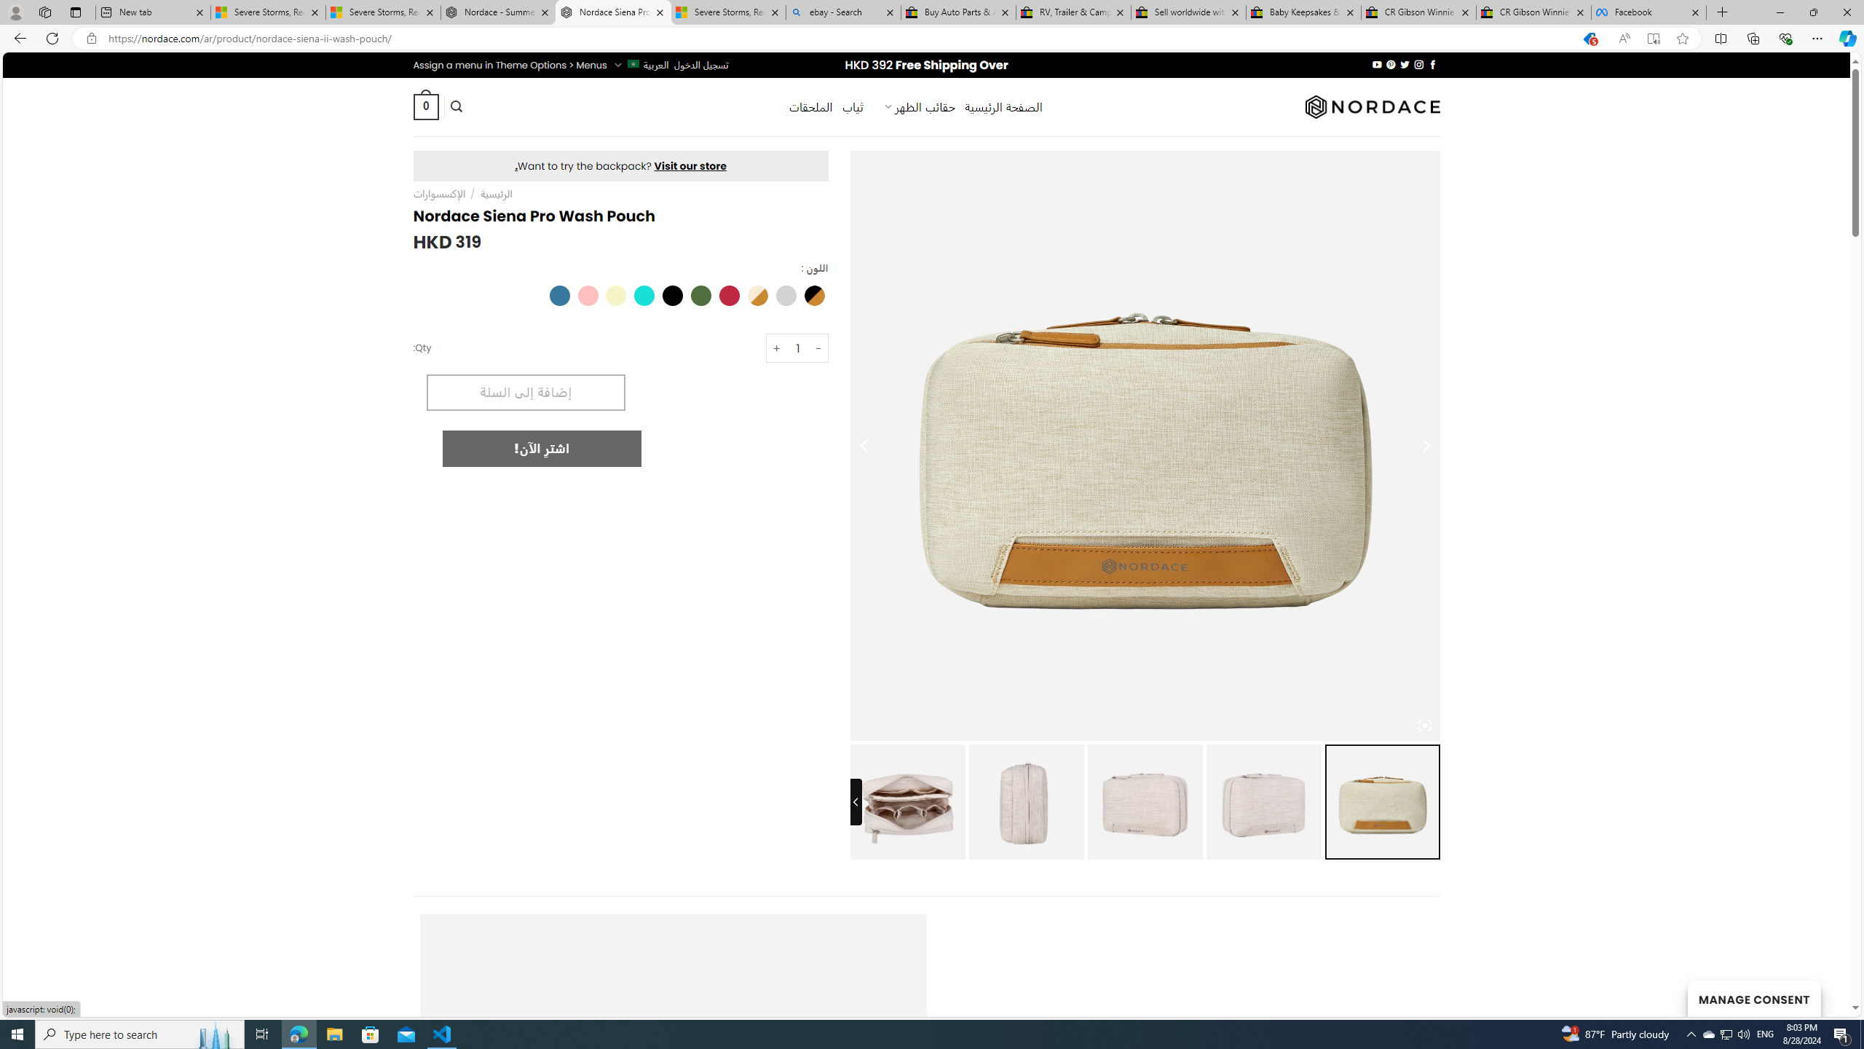 This screenshot has height=1049, width=1864. I want to click on 'Class: iconic-woothumbs-fullscreen', so click(1424, 725).